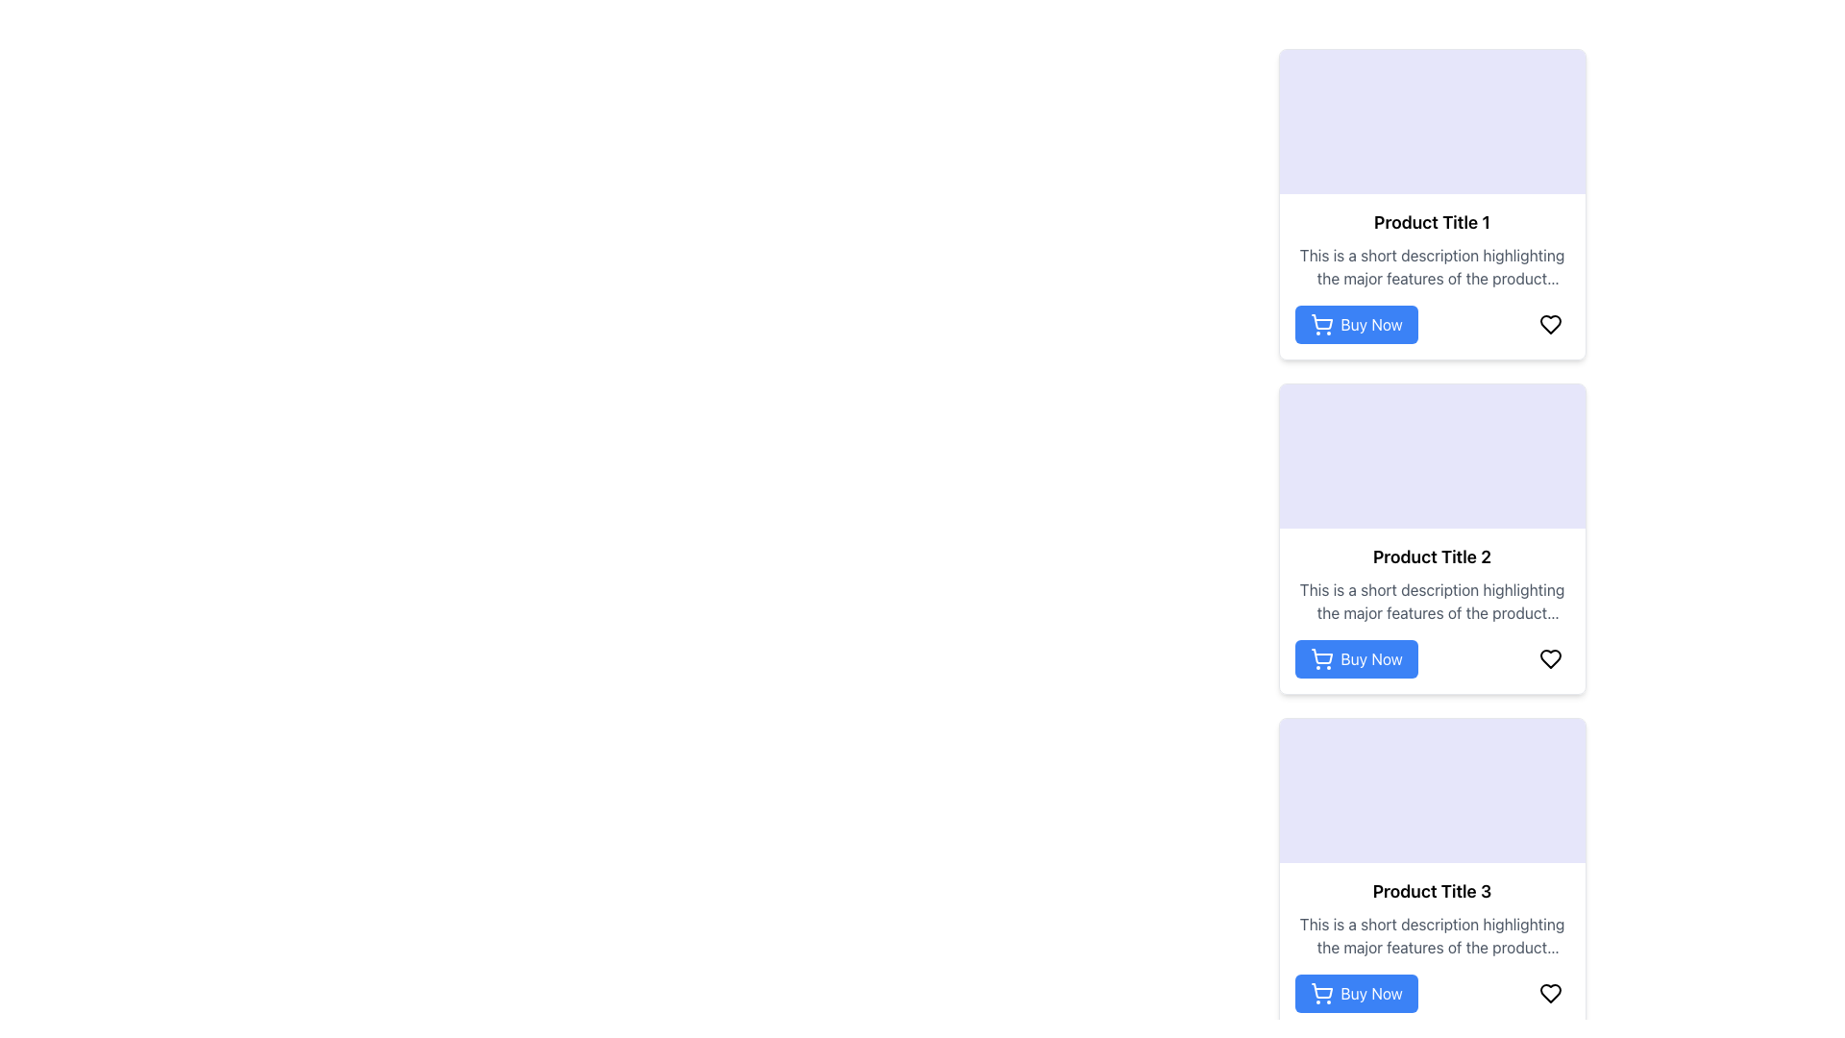  Describe the element at coordinates (1355, 324) in the screenshot. I see `the 'Buy Now' button with a blue background and white text, located at the bottom left of the product description card for 'Product Title 1'` at that location.